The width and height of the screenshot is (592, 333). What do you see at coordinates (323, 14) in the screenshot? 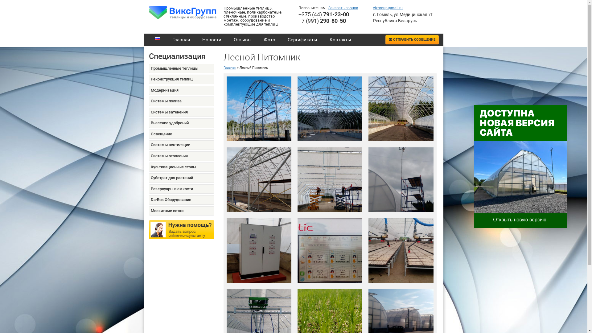
I see `'+375 (44) 791-23-00'` at bounding box center [323, 14].